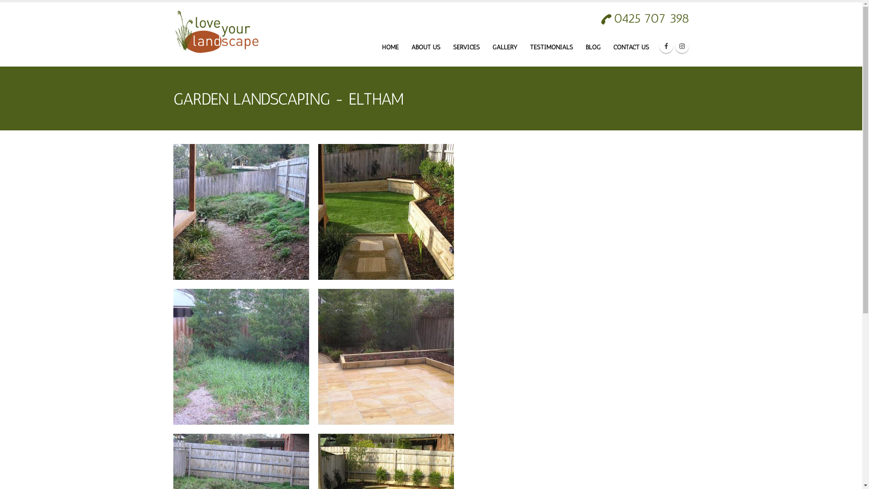 This screenshot has height=489, width=869. I want to click on 'Garden landscaping - Eltham', so click(173, 356).